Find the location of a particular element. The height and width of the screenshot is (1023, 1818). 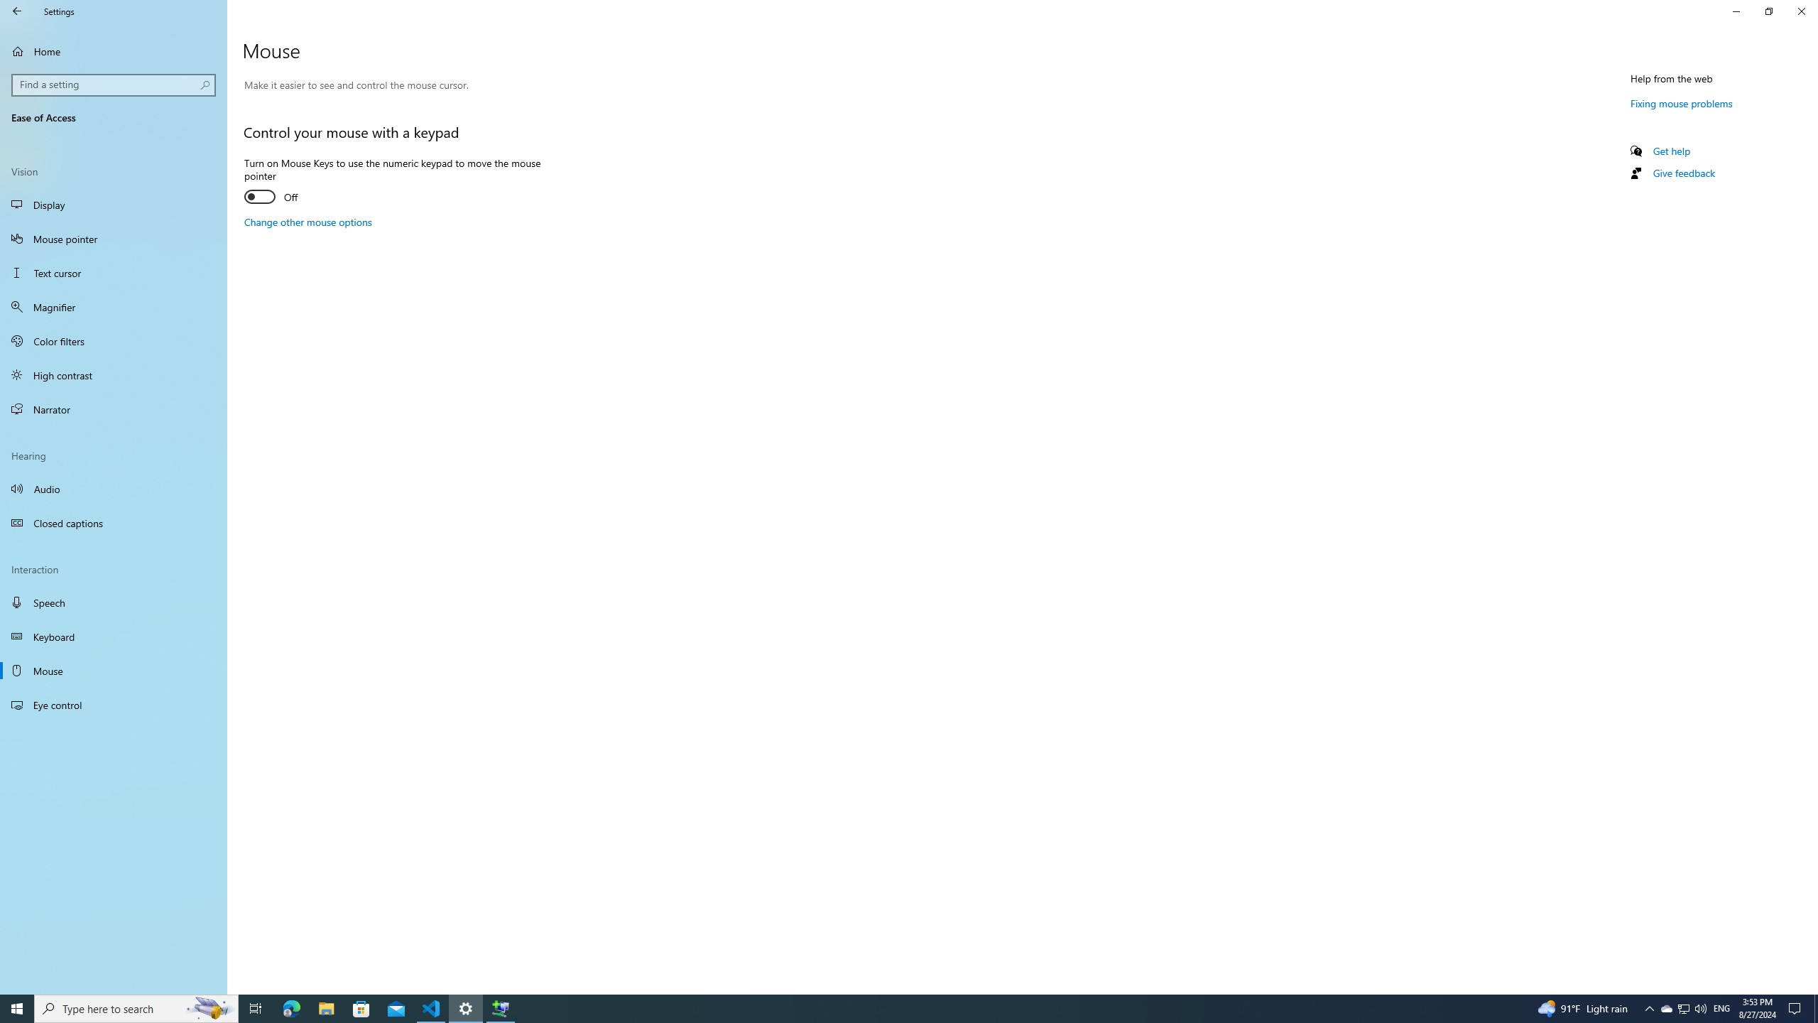

'Extensible Wizards Host Process - 1 running window' is located at coordinates (501, 1007).